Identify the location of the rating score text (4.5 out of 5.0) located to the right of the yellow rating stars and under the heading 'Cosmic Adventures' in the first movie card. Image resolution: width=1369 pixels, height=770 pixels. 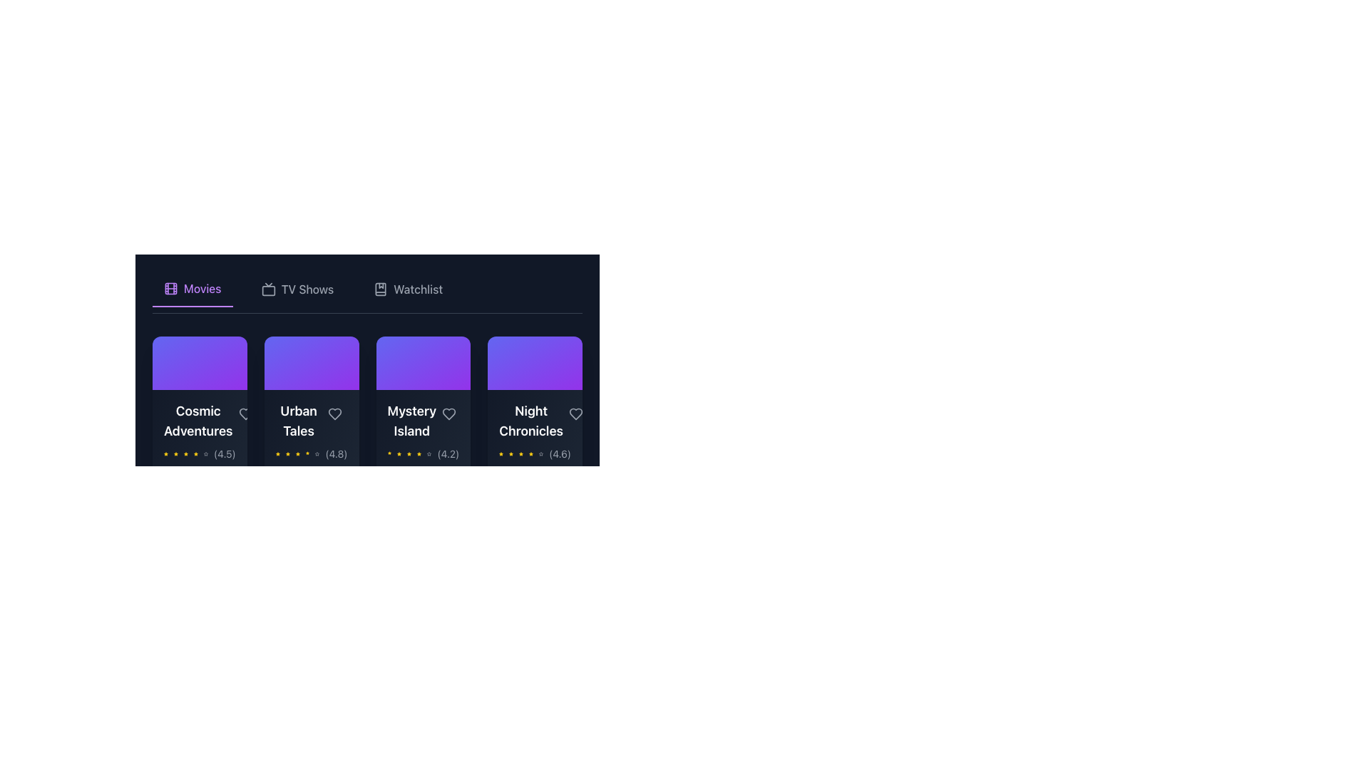
(224, 453).